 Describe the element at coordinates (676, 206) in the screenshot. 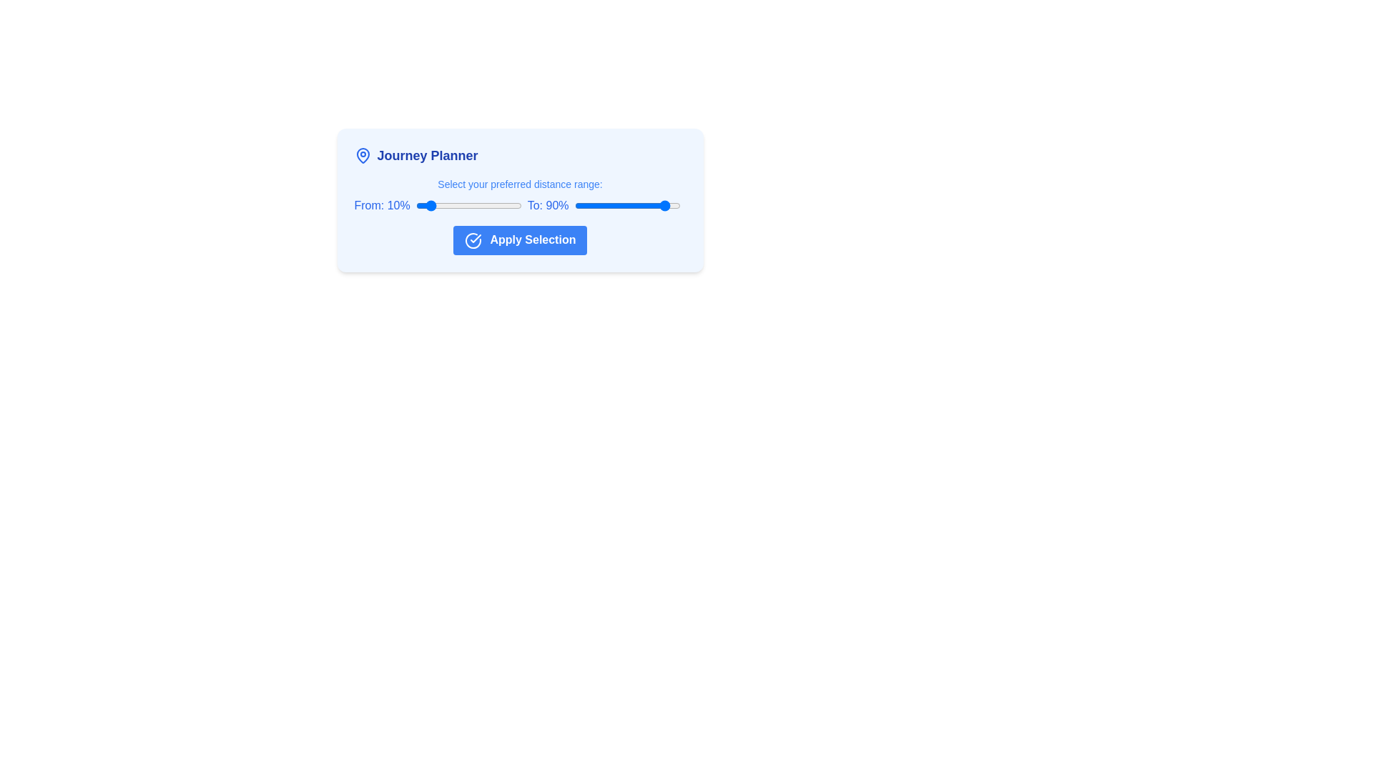

I see `the slider value` at that location.